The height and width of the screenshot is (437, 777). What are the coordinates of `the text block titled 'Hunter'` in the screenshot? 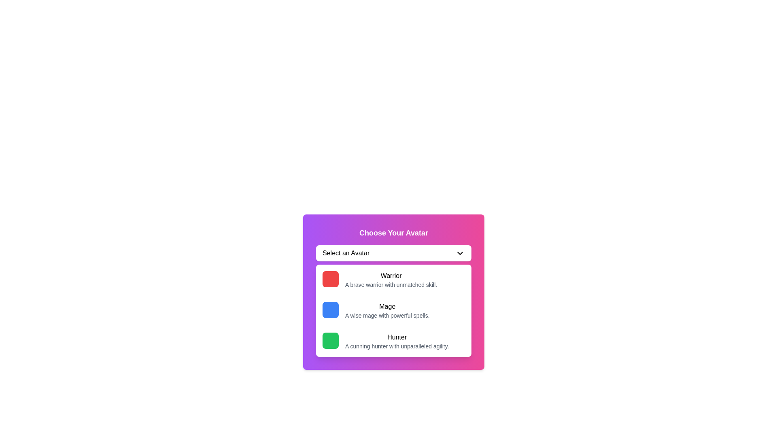 It's located at (397, 342).